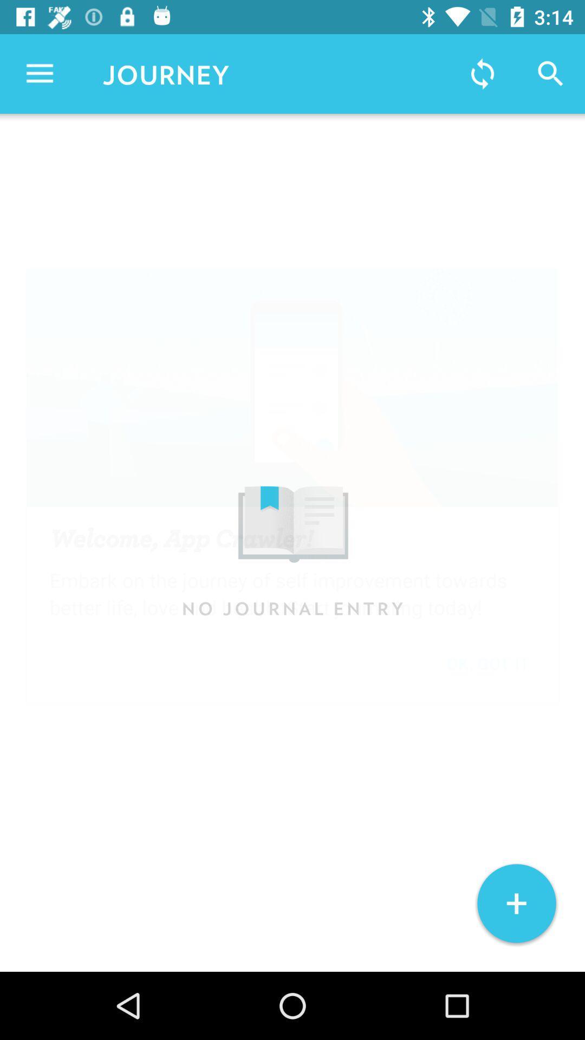 This screenshot has height=1040, width=585. What do you see at coordinates (516, 903) in the screenshot?
I see `+ at the bottom right corner` at bounding box center [516, 903].